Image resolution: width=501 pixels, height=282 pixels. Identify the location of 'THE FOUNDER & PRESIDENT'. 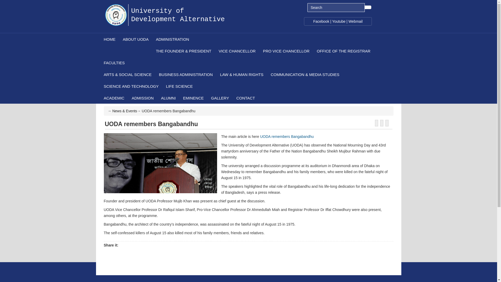
(183, 51).